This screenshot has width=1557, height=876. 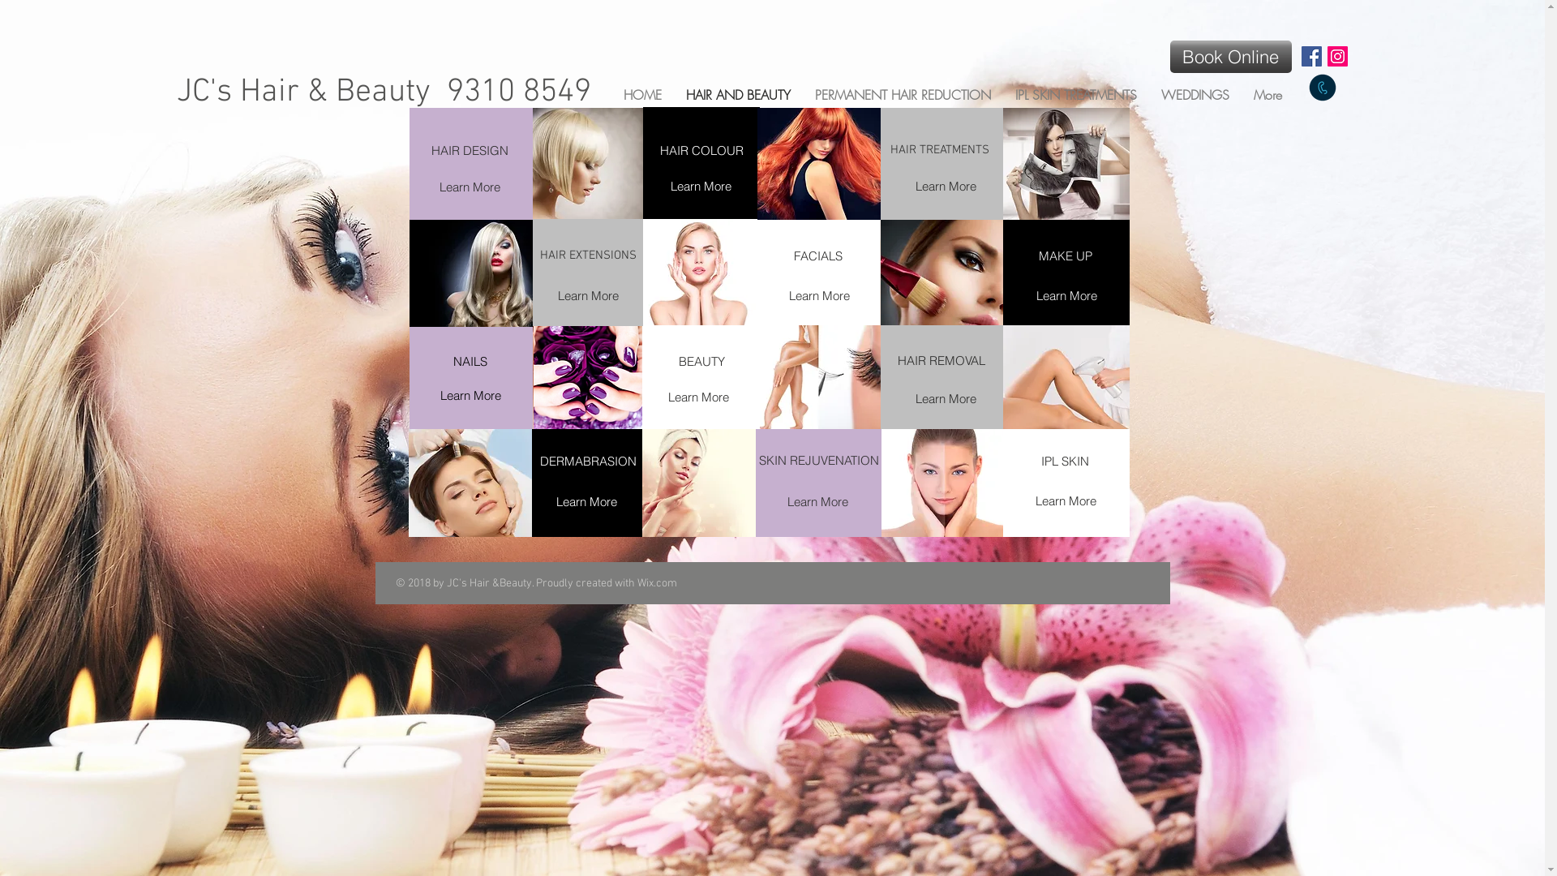 What do you see at coordinates (1066, 294) in the screenshot?
I see `'Learn More'` at bounding box center [1066, 294].